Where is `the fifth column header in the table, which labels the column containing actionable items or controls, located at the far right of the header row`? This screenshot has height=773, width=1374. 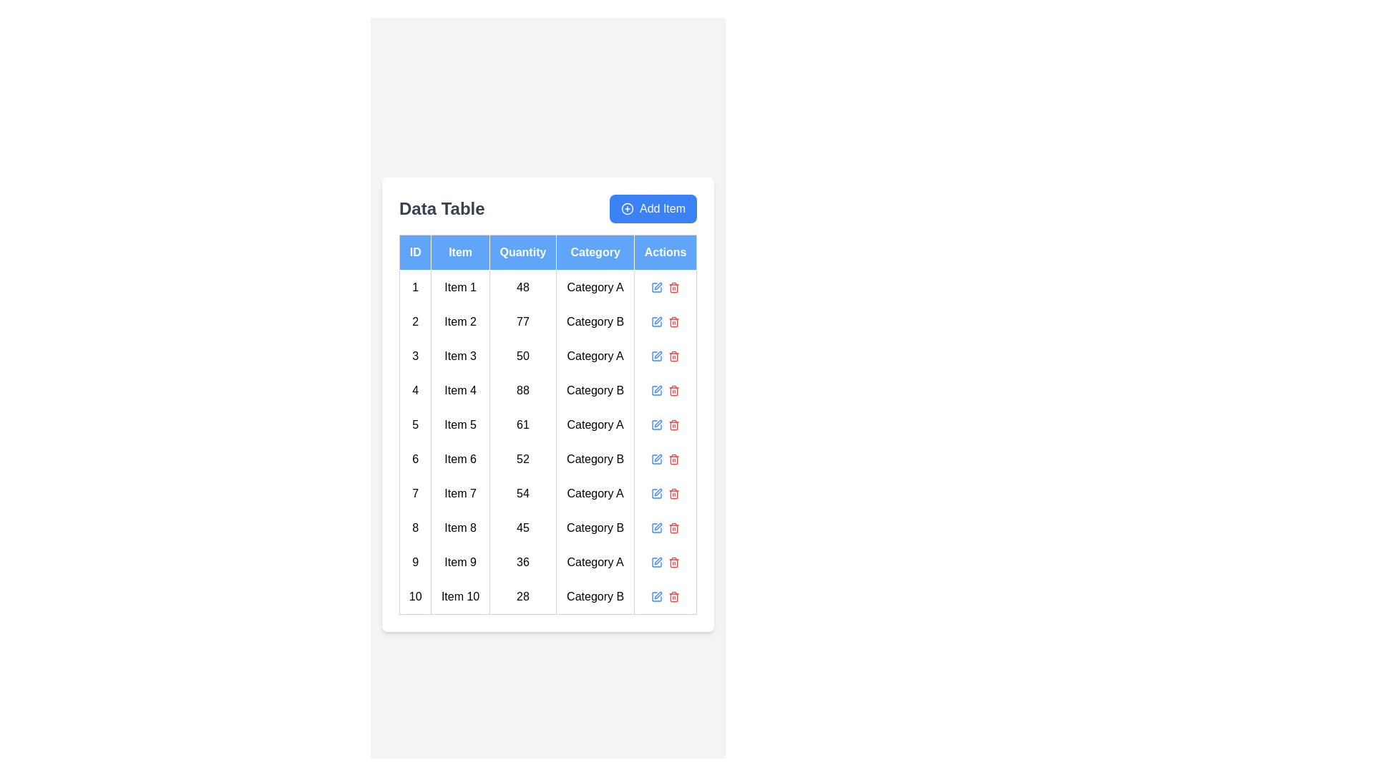
the fifth column header in the table, which labels the column containing actionable items or controls, located at the far right of the header row is located at coordinates (665, 251).